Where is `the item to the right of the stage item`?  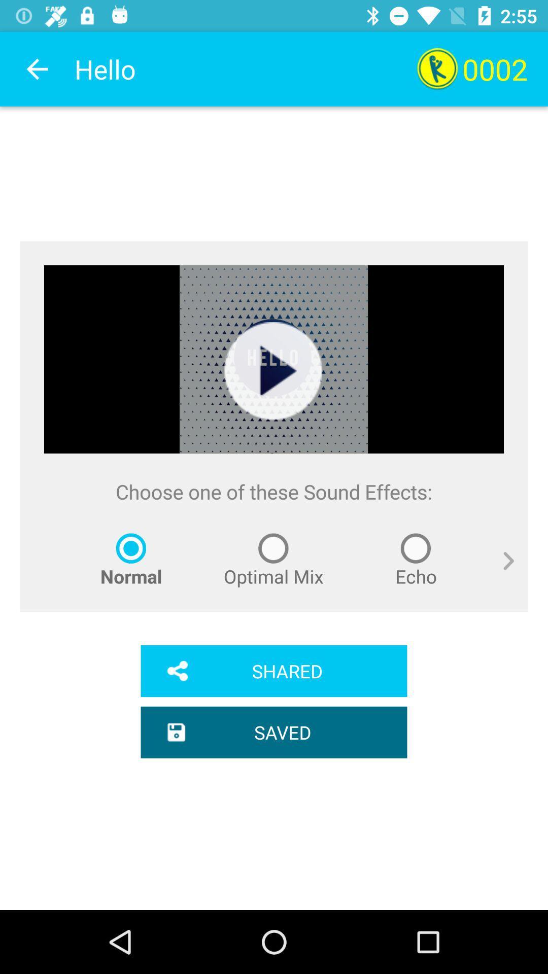
the item to the right of the stage item is located at coordinates (500, 572).